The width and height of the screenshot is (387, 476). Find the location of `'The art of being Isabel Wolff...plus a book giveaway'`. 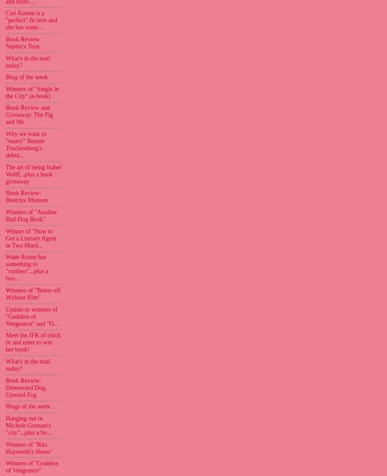

'The art of being Isabel Wolff...plus a book giveaway' is located at coordinates (32, 174).